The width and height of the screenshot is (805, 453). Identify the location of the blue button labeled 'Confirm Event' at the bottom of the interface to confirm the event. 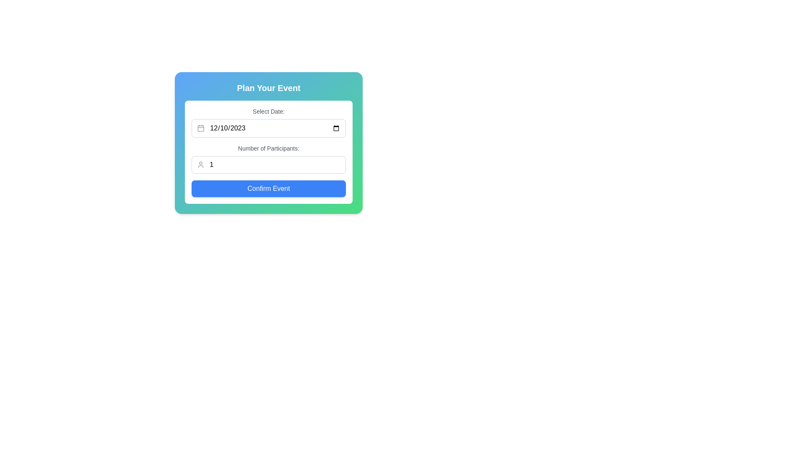
(269, 189).